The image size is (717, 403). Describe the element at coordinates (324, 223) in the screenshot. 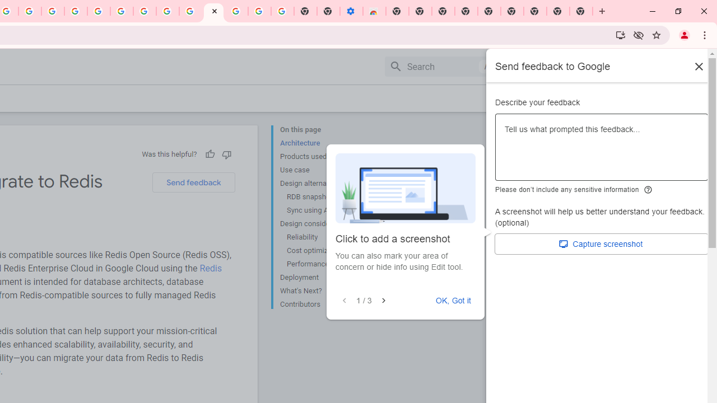

I see `'Design considerations'` at that location.